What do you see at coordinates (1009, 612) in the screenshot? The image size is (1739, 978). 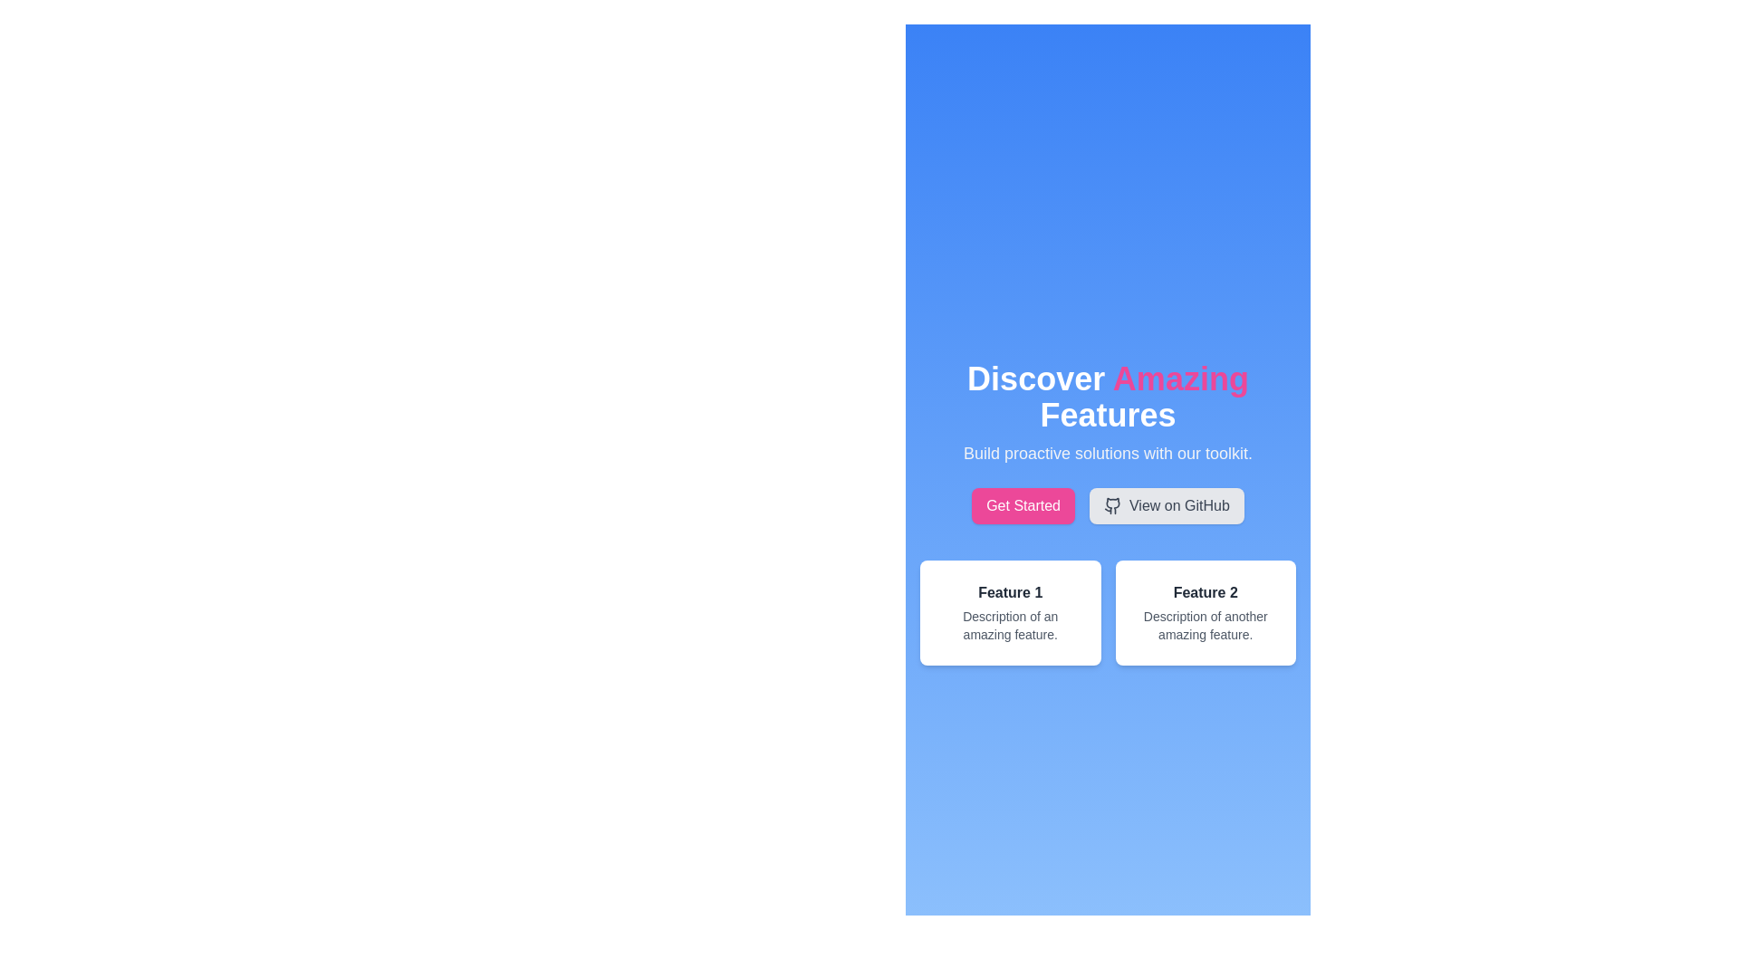 I see `the first informational card in the grid layout, which is located in the leftmost column and presents a feature description below the heading 'Discover Amazing Features'` at bounding box center [1009, 612].